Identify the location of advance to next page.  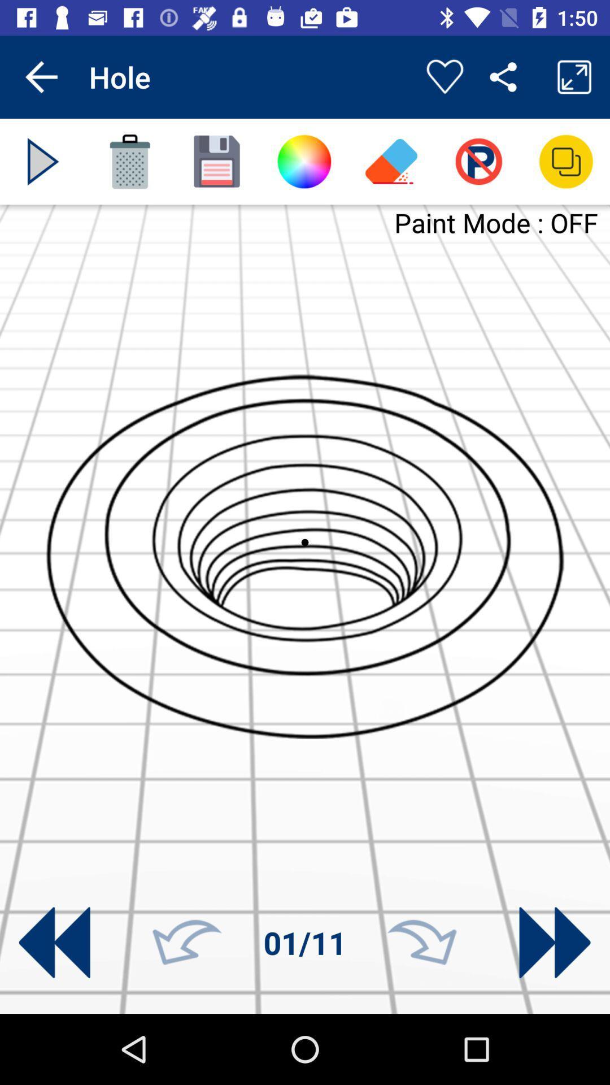
(554, 943).